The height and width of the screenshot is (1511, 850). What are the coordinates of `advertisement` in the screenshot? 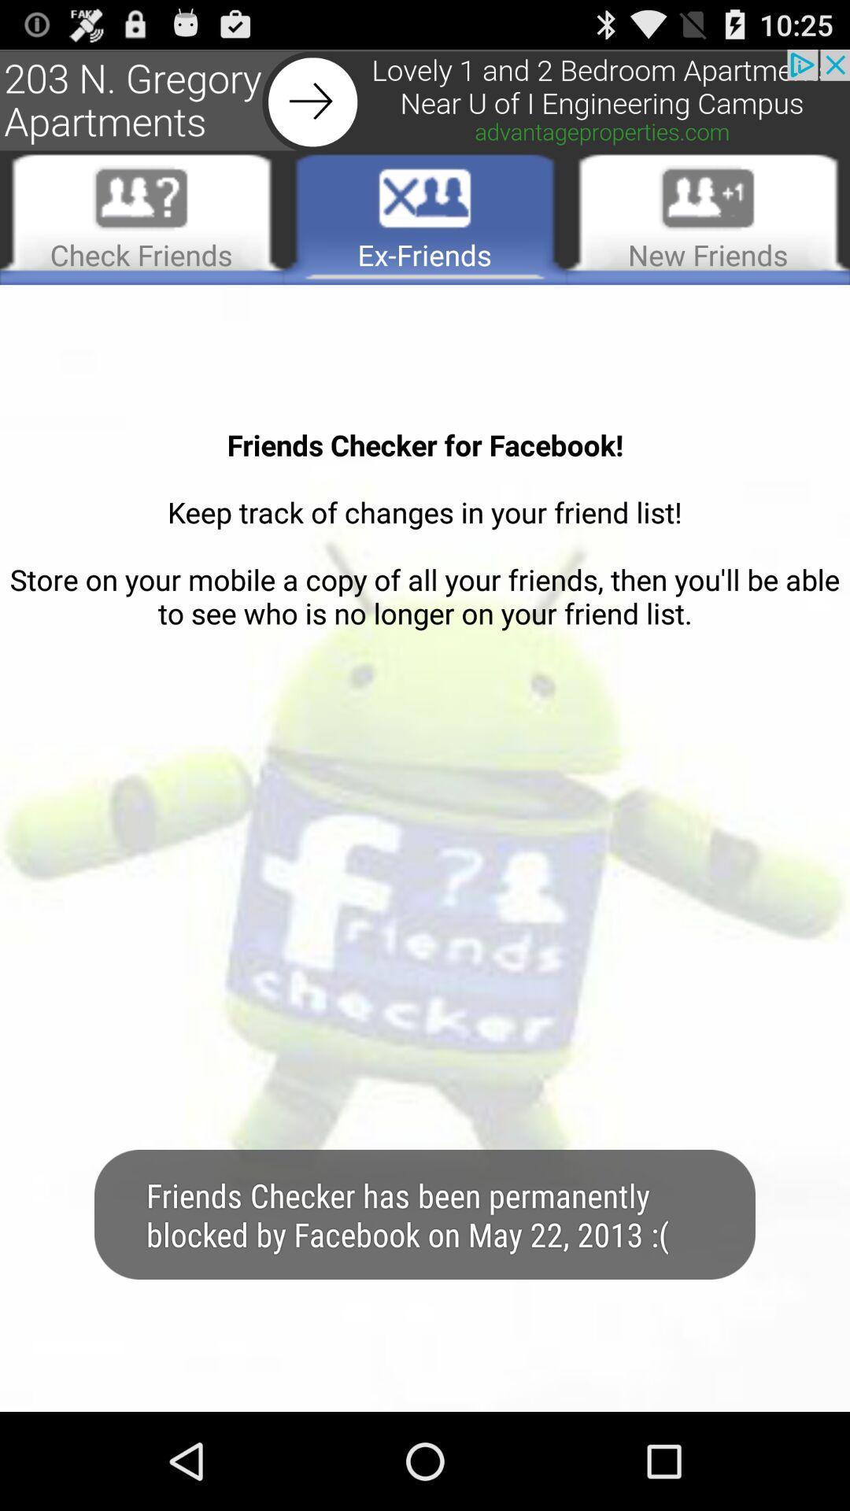 It's located at (425, 100).